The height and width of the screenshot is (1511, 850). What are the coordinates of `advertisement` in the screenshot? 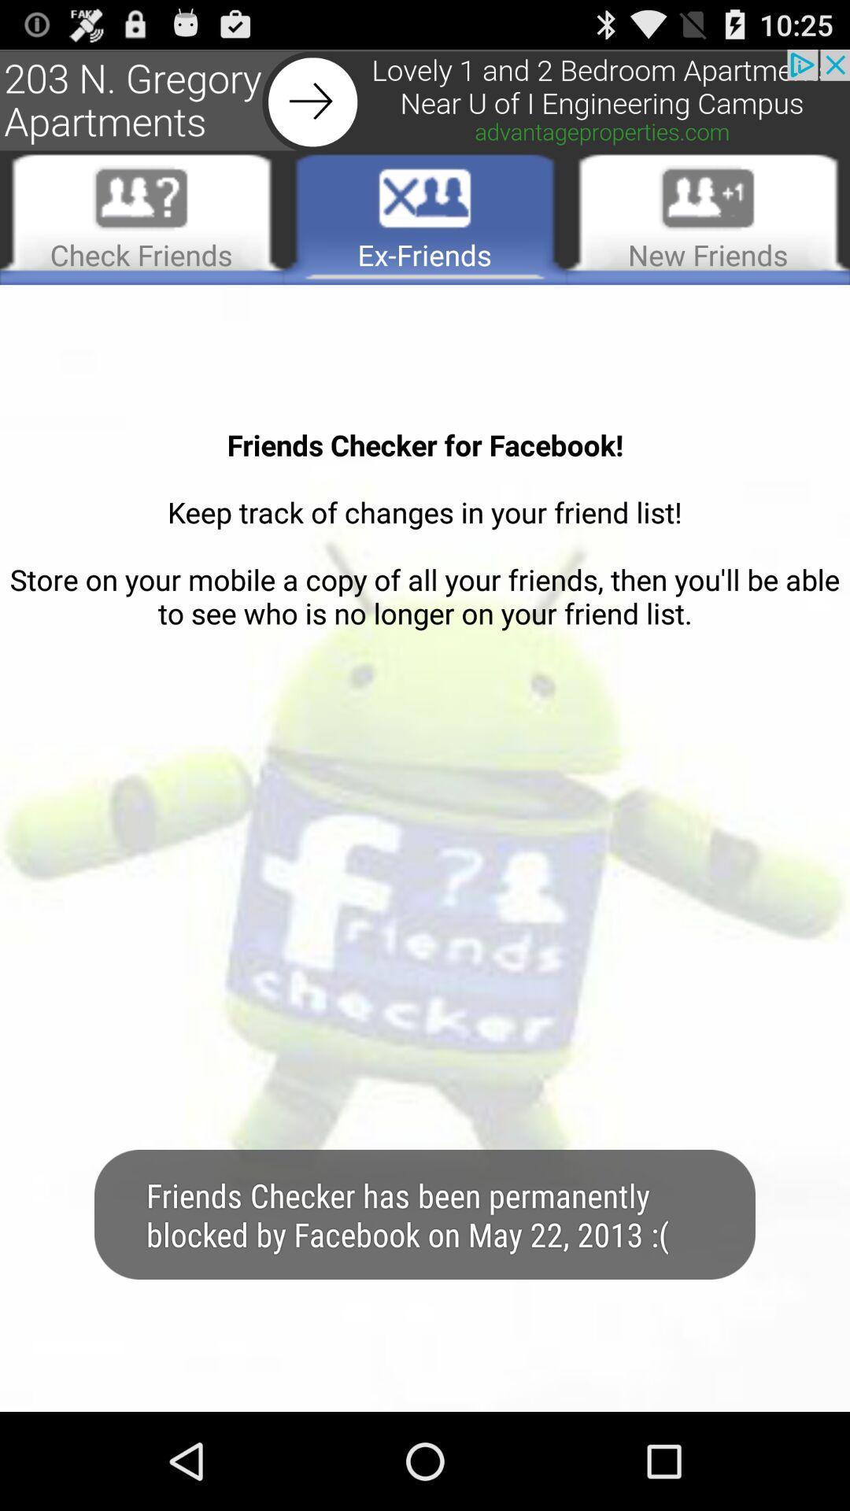 It's located at (425, 100).